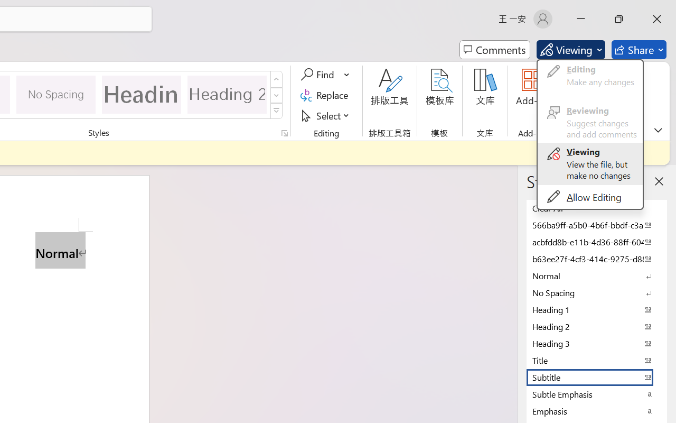 The height and width of the screenshot is (423, 676). What do you see at coordinates (227, 94) in the screenshot?
I see `'Heading 2'` at bounding box center [227, 94].